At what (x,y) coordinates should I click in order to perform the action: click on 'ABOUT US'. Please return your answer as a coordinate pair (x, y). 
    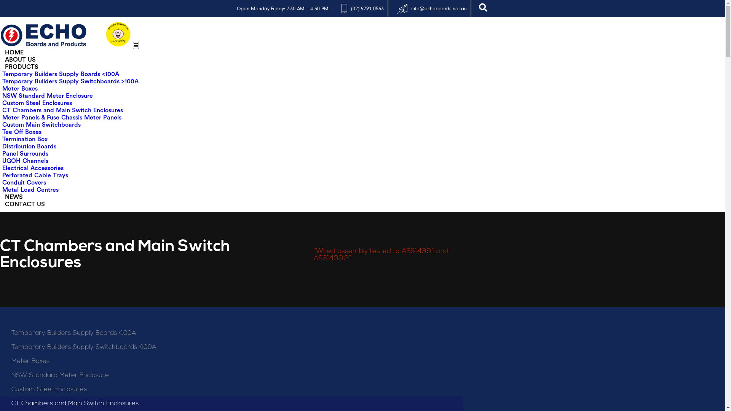
    Looking at the image, I should click on (2, 59).